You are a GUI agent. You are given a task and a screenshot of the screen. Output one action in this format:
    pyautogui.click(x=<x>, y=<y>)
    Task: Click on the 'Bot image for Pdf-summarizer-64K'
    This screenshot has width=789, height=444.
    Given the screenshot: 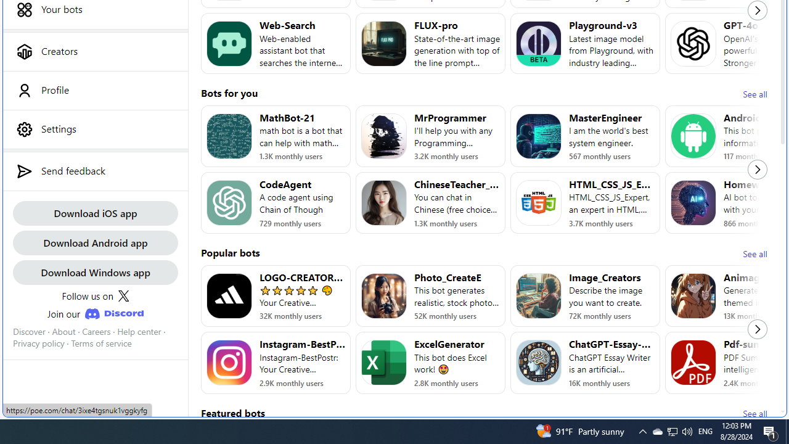 What is the action you would take?
    pyautogui.click(x=693, y=362)
    